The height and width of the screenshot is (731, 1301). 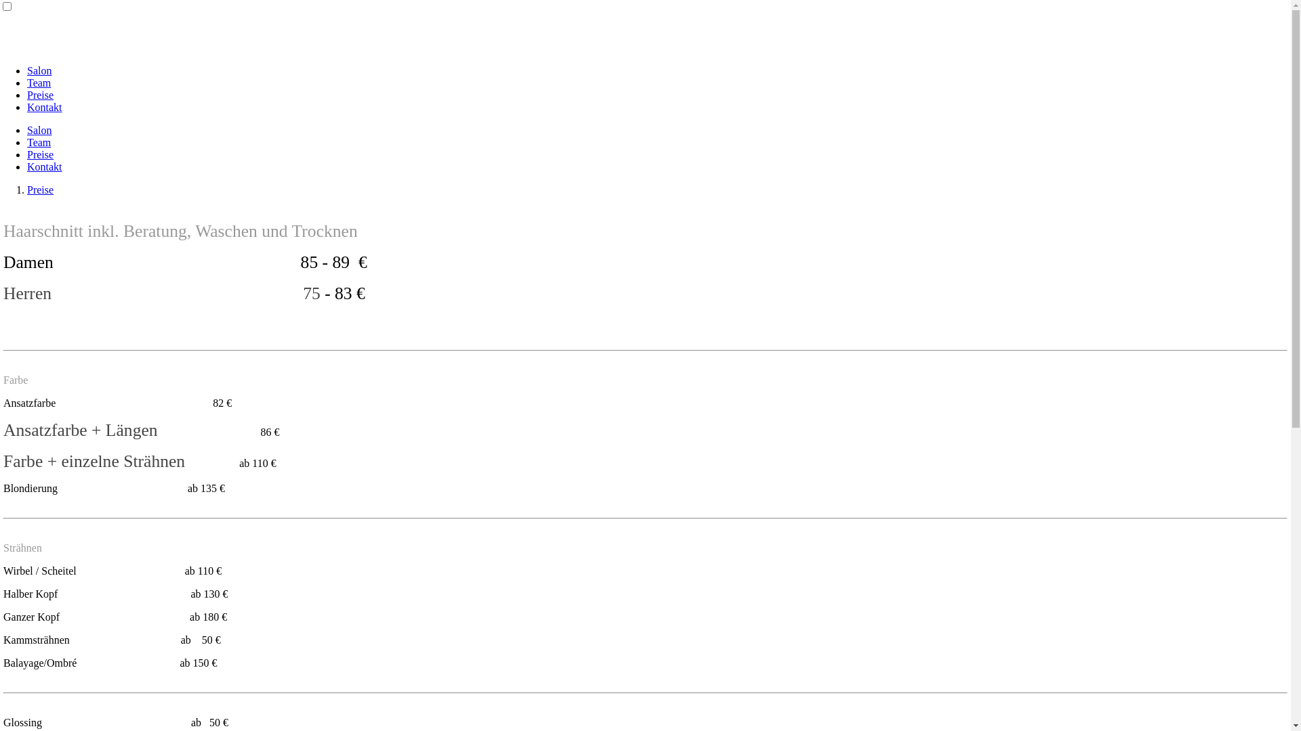 What do you see at coordinates (39, 70) in the screenshot?
I see `'Salon'` at bounding box center [39, 70].